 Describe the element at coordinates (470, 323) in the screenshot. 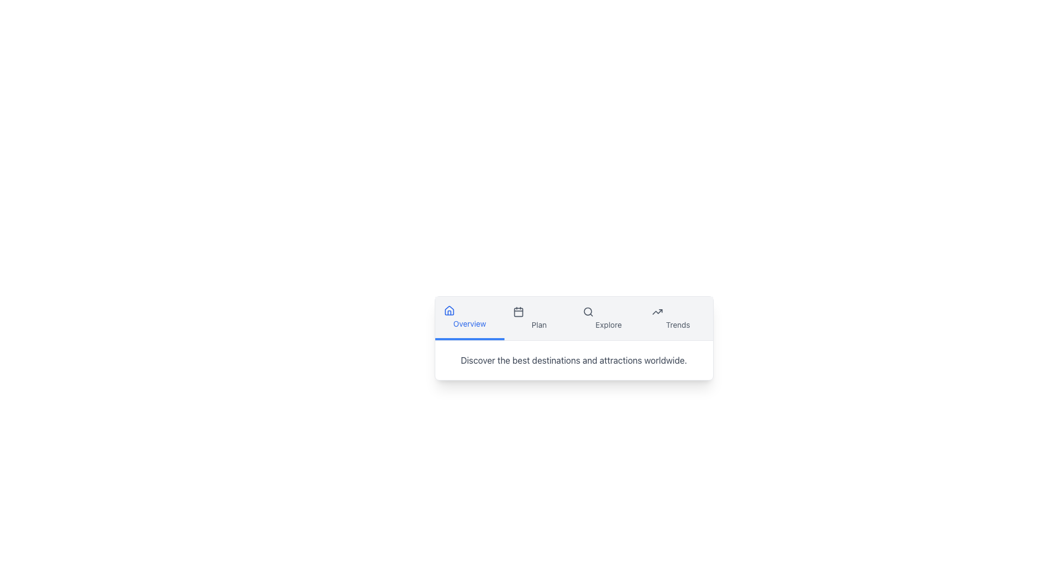

I see `the text element labeled 'Overview' which is styled in blue and located beneath the house-shaped icon in the navigation bar near the top of the UI` at that location.